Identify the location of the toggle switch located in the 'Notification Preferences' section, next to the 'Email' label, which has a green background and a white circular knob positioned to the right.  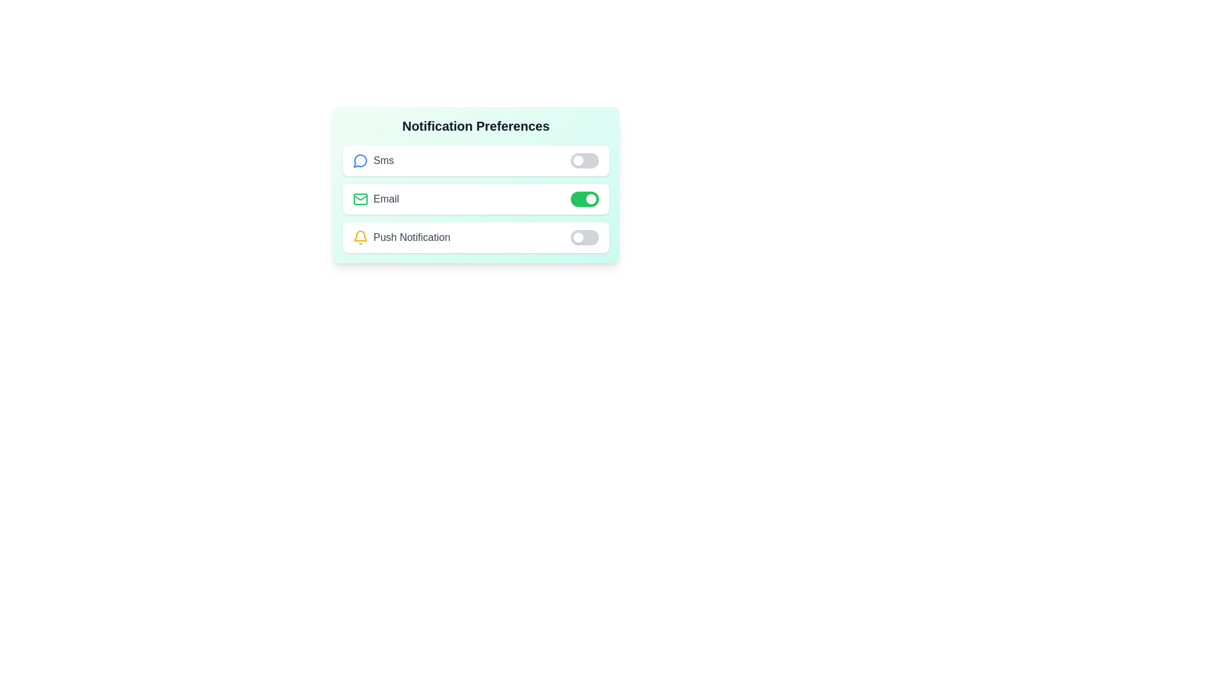
(584, 199).